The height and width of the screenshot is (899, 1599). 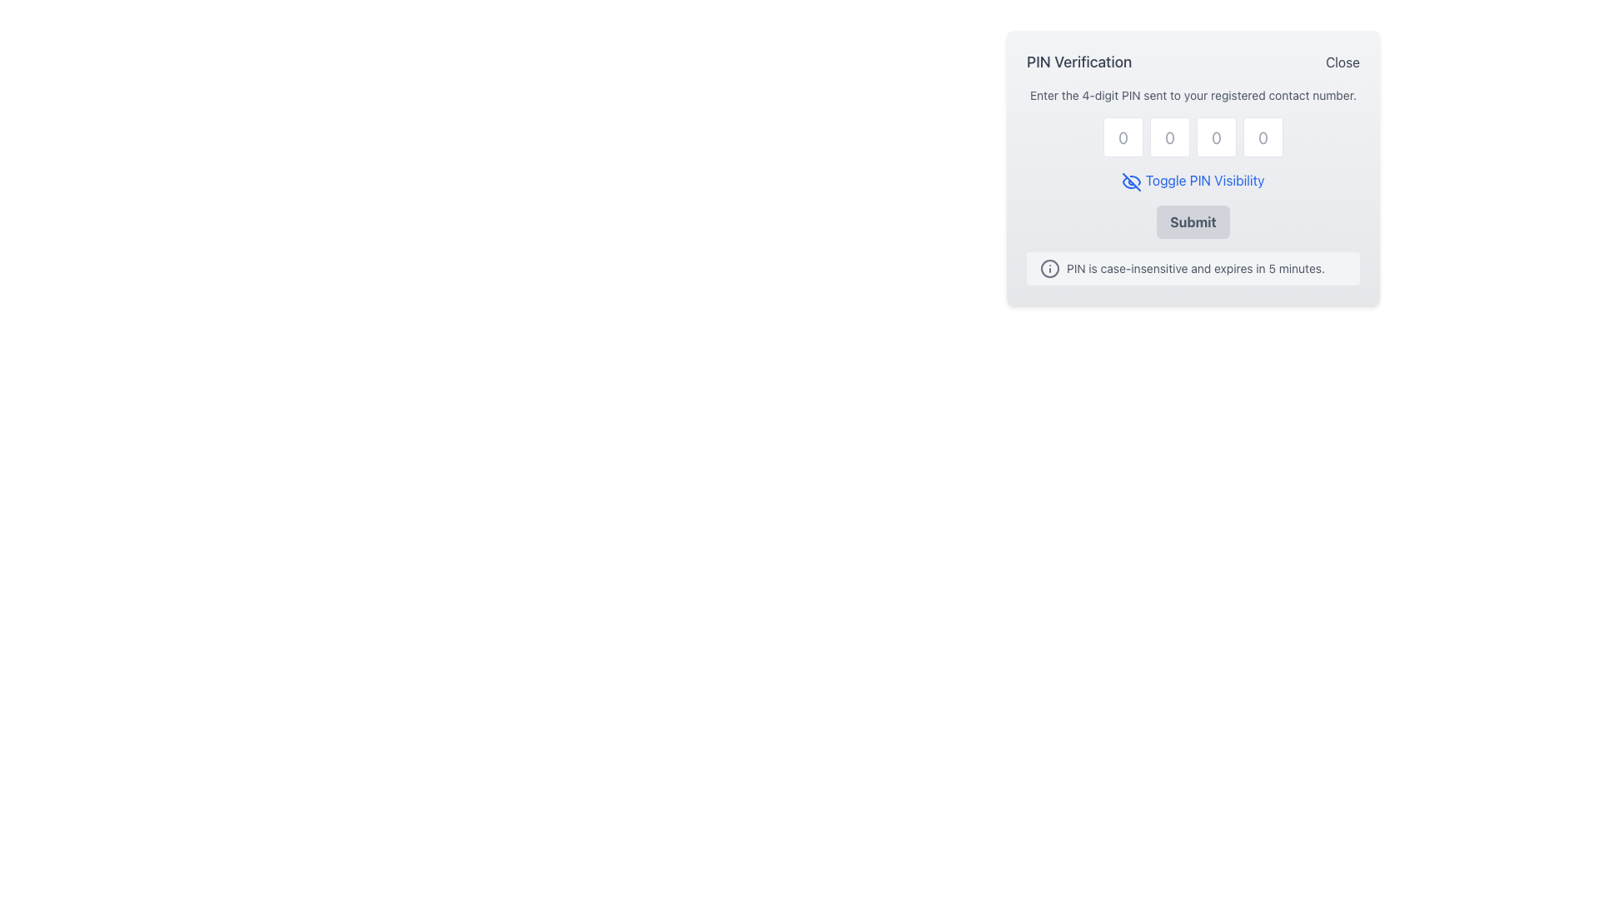 What do you see at coordinates (1263, 137) in the screenshot?
I see `the fourth text input field for the PIN code in the 'PIN Verification' modal to focus on it` at bounding box center [1263, 137].